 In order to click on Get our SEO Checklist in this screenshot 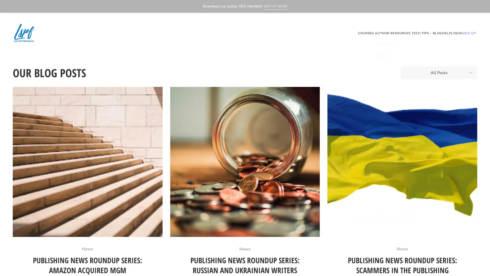, I will do `click(258, 113)`.